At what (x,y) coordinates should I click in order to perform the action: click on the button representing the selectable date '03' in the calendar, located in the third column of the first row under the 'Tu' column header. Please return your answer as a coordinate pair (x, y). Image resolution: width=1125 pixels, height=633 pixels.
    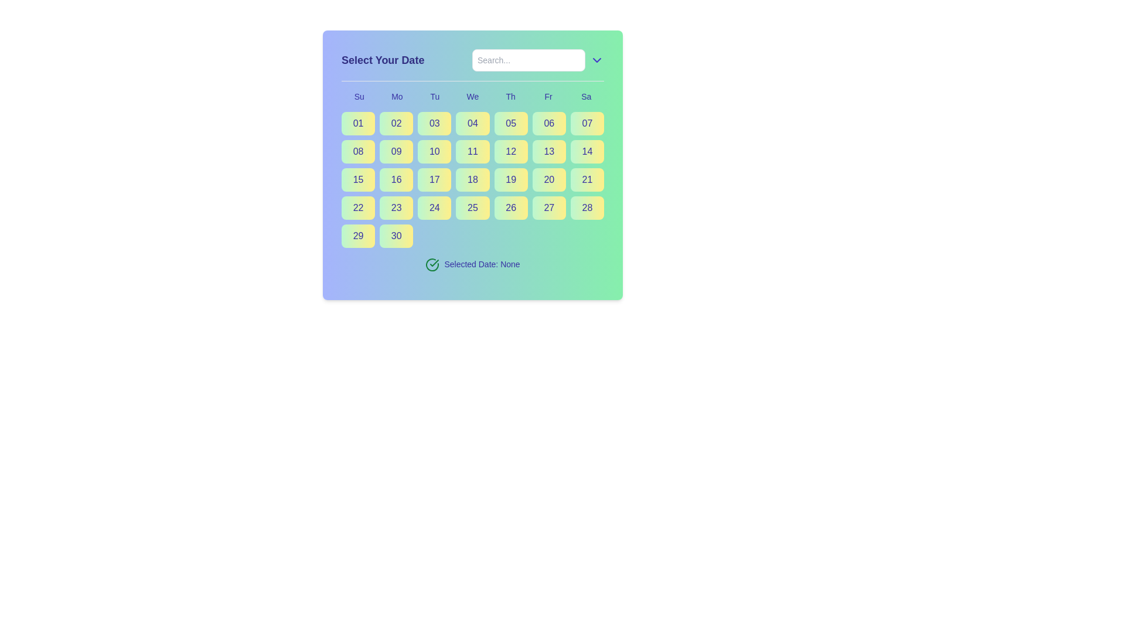
    Looking at the image, I should click on (434, 124).